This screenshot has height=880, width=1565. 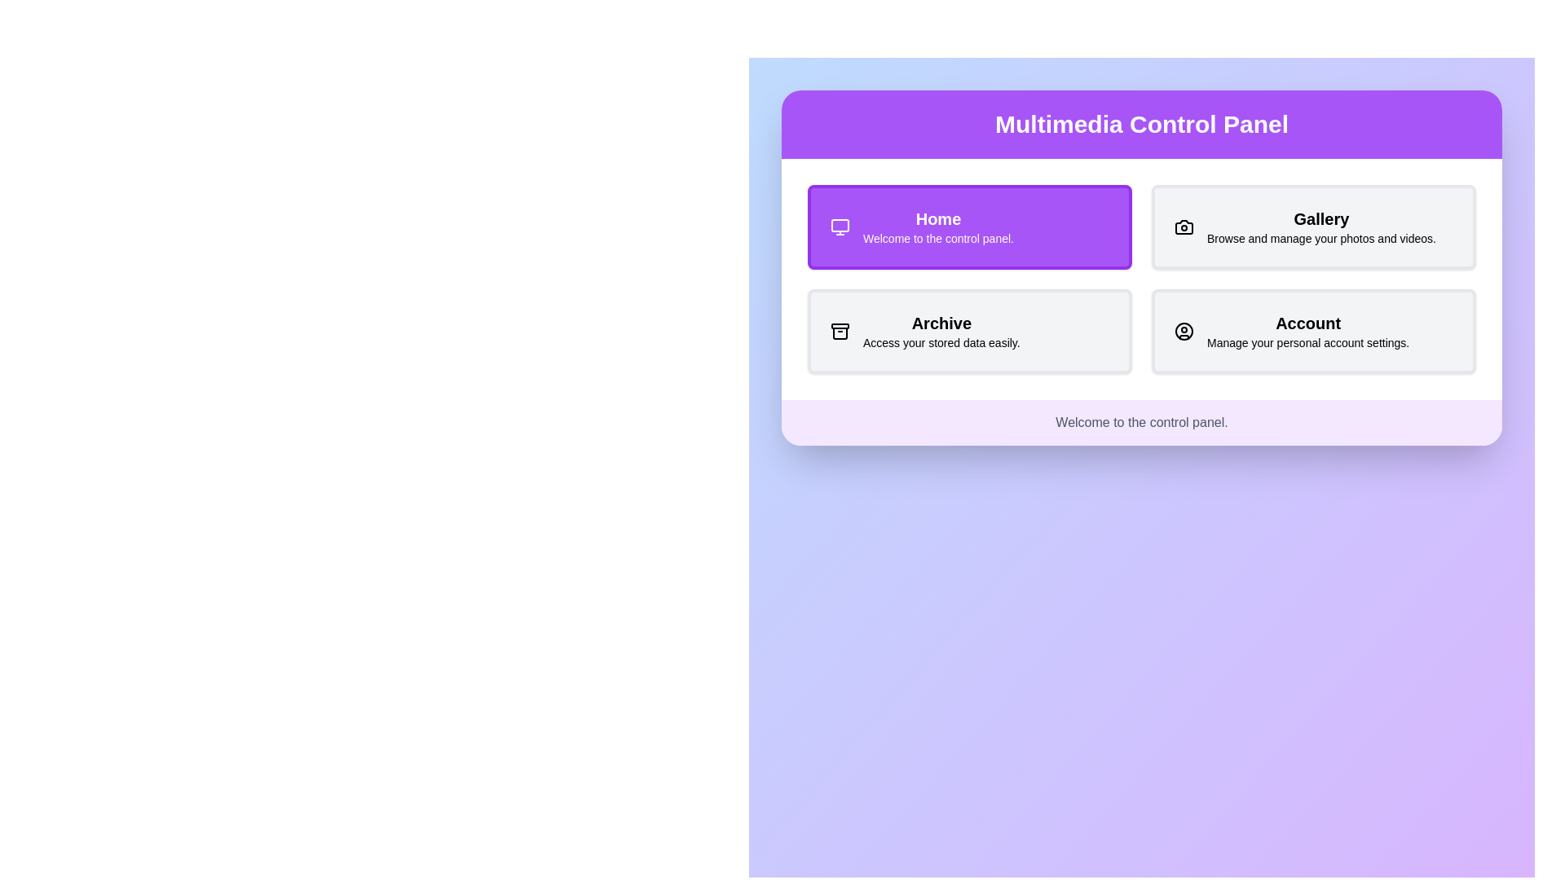 I want to click on the Gallery section by clicking its button, so click(x=1314, y=227).